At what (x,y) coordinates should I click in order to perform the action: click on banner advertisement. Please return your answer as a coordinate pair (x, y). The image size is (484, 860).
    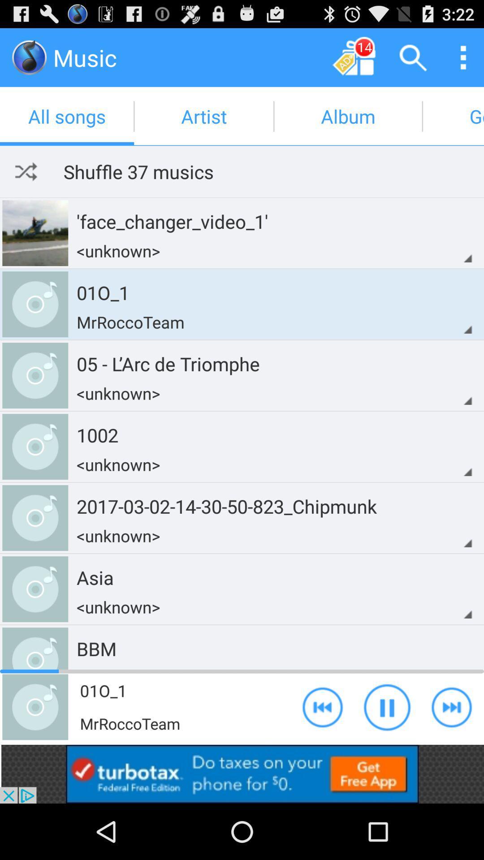
    Looking at the image, I should click on (242, 774).